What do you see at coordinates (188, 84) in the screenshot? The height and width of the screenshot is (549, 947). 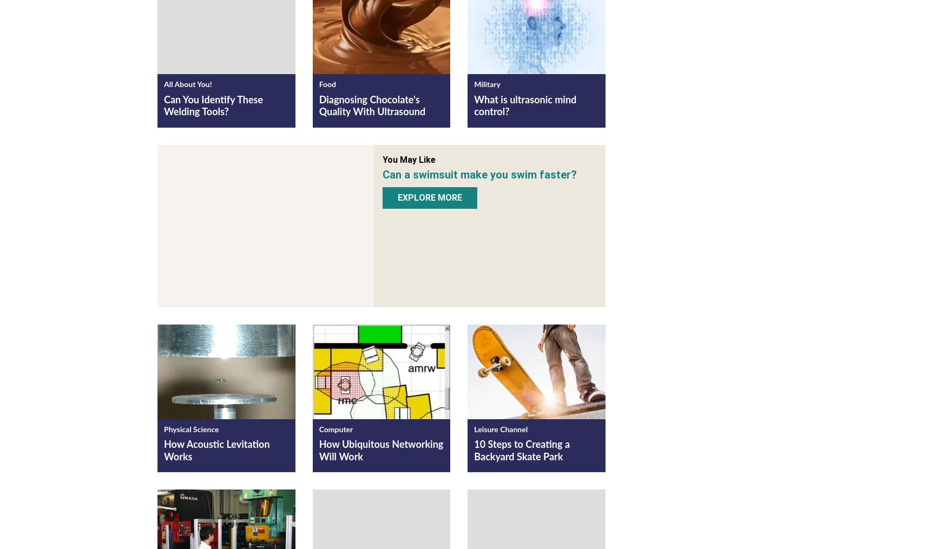 I see `'All About You!'` at bounding box center [188, 84].